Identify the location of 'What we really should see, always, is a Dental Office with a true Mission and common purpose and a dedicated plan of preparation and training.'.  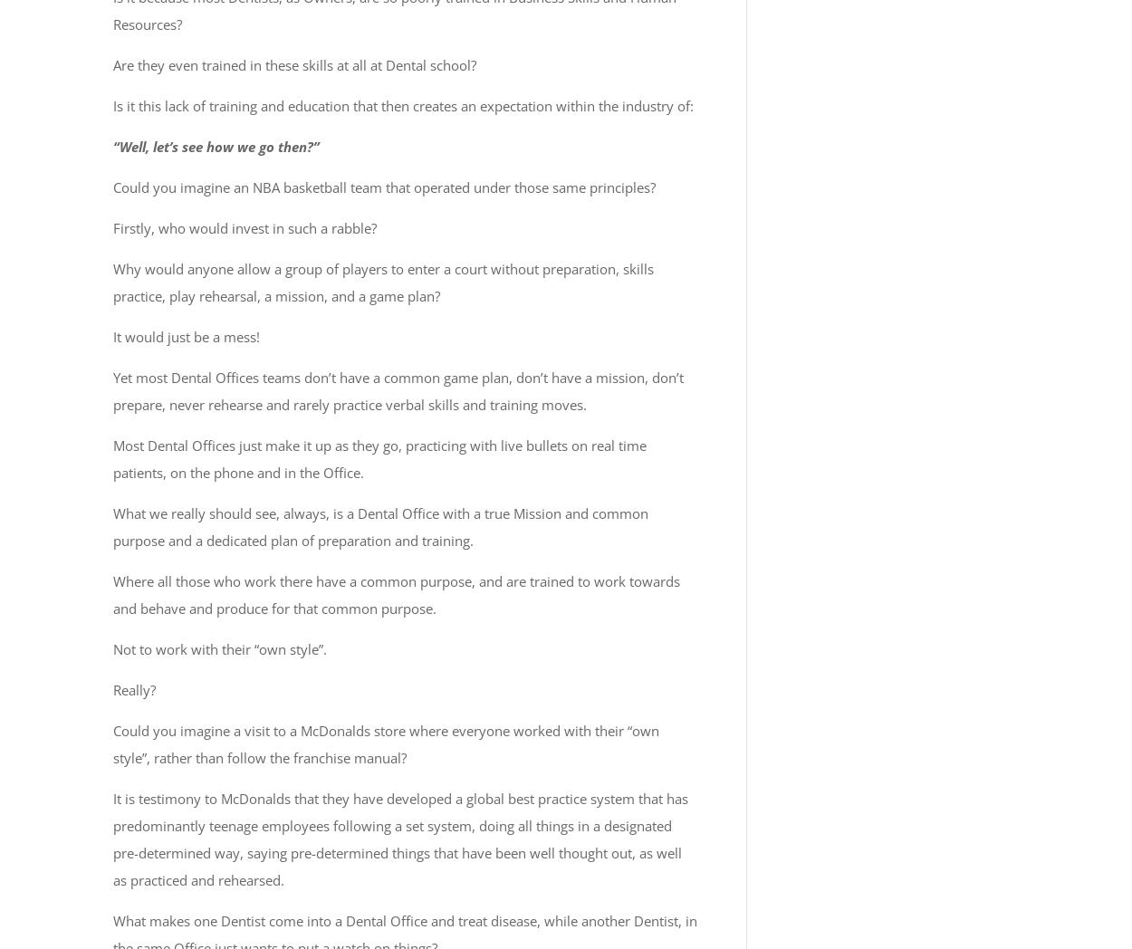
(380, 526).